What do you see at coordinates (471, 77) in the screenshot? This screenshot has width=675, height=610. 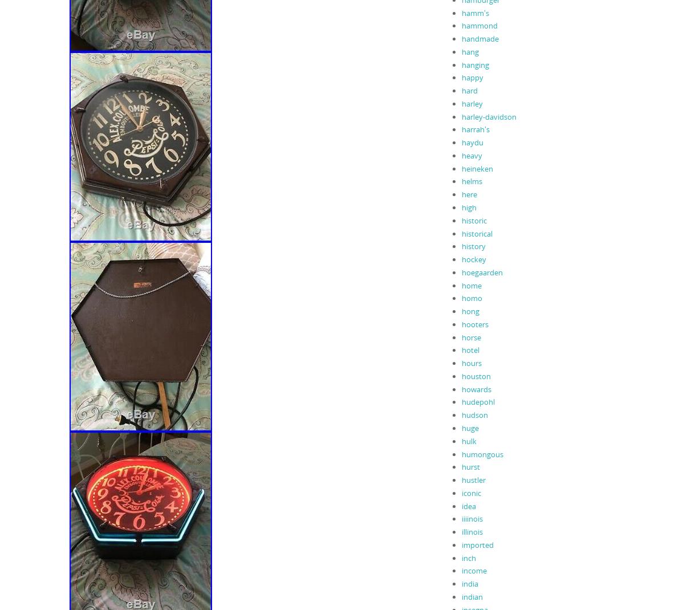 I see `'happy'` at bounding box center [471, 77].